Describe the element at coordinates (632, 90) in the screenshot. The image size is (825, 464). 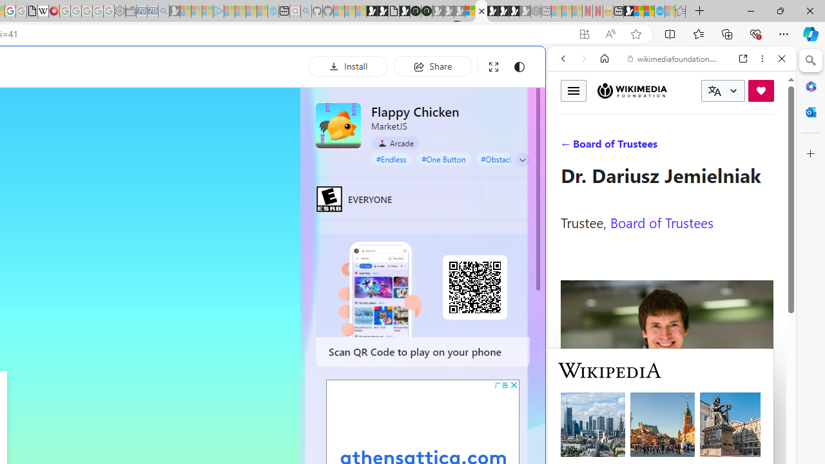
I see `'Wikimedia Foundation'` at that location.